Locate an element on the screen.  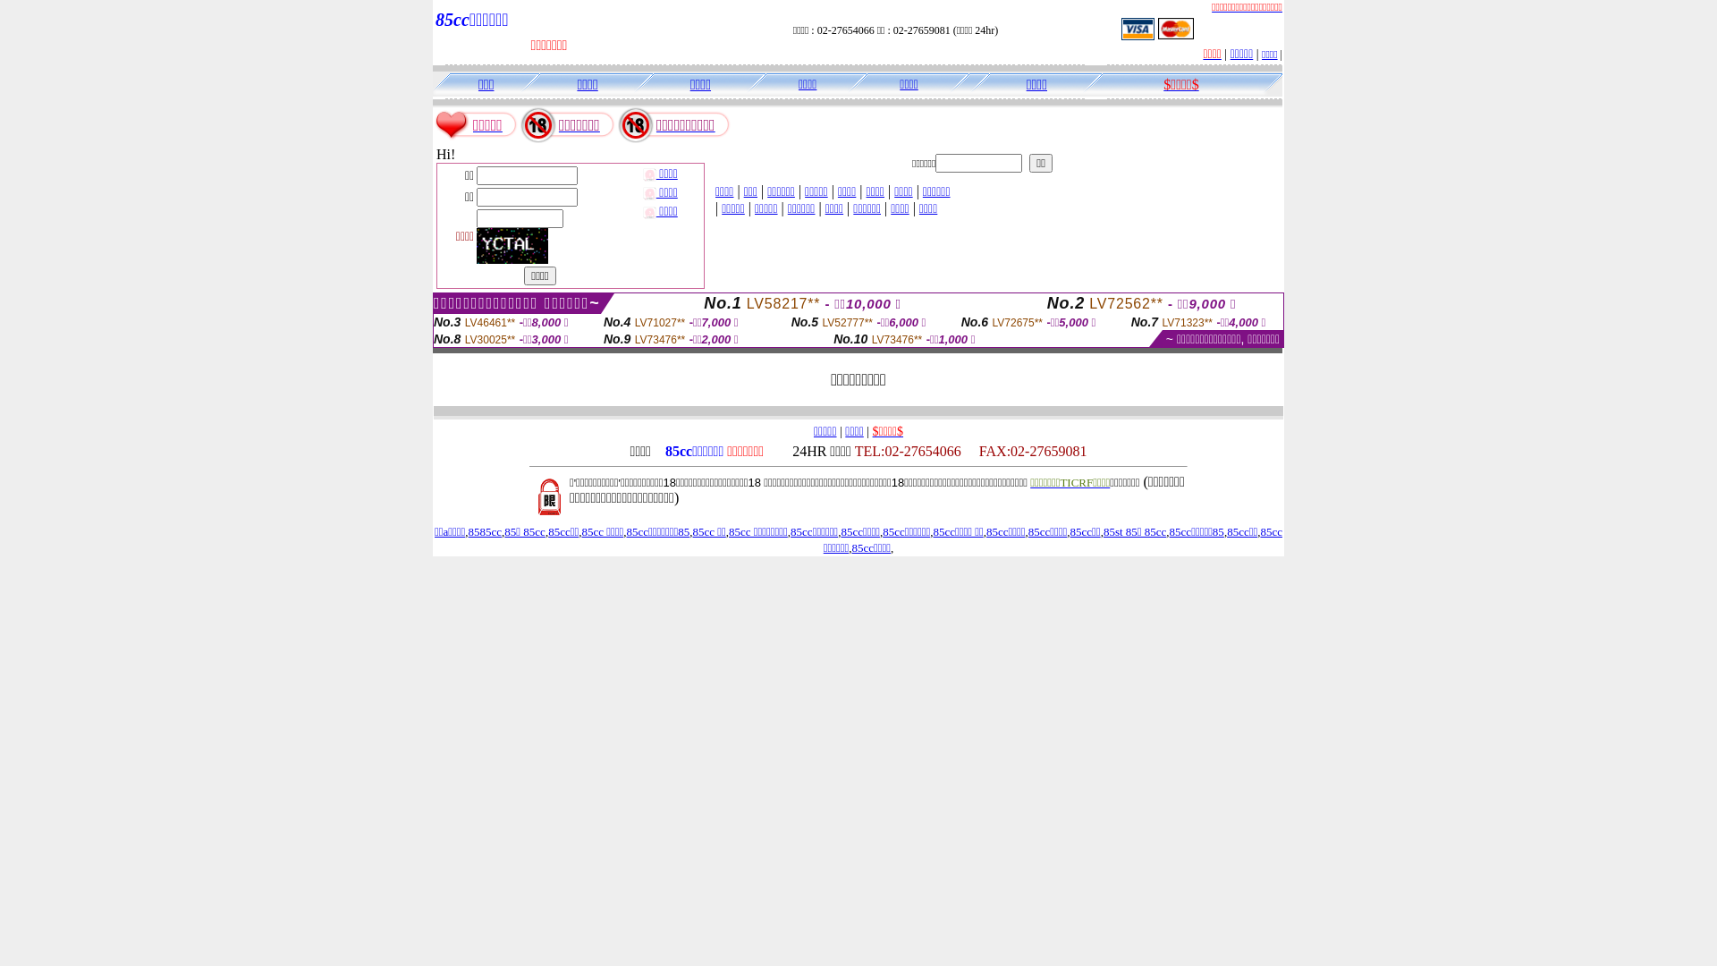
'8585cc' is located at coordinates (468, 530).